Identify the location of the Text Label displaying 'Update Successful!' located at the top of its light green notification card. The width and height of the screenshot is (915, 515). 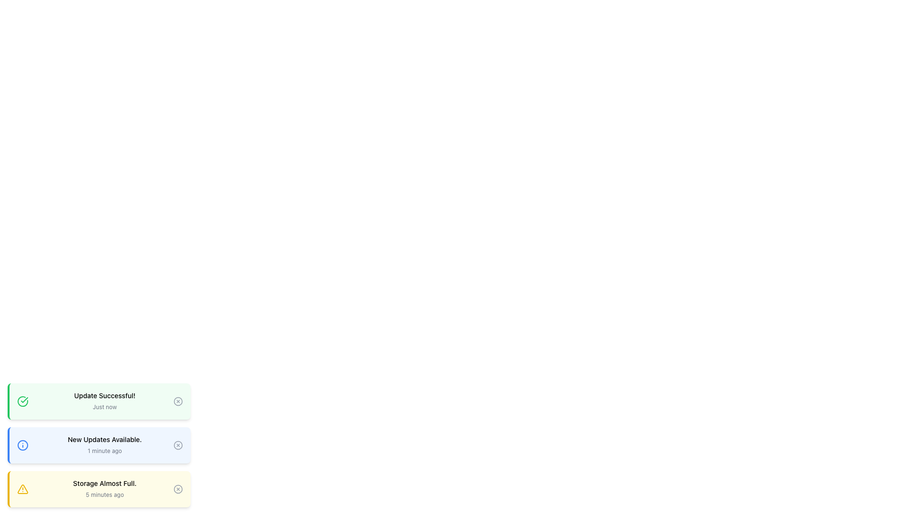
(105, 395).